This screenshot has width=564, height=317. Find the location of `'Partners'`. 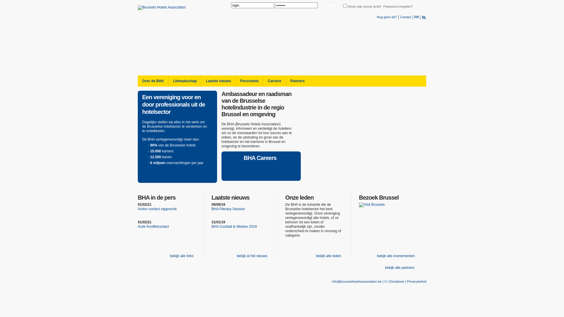

'Partners' is located at coordinates (297, 81).